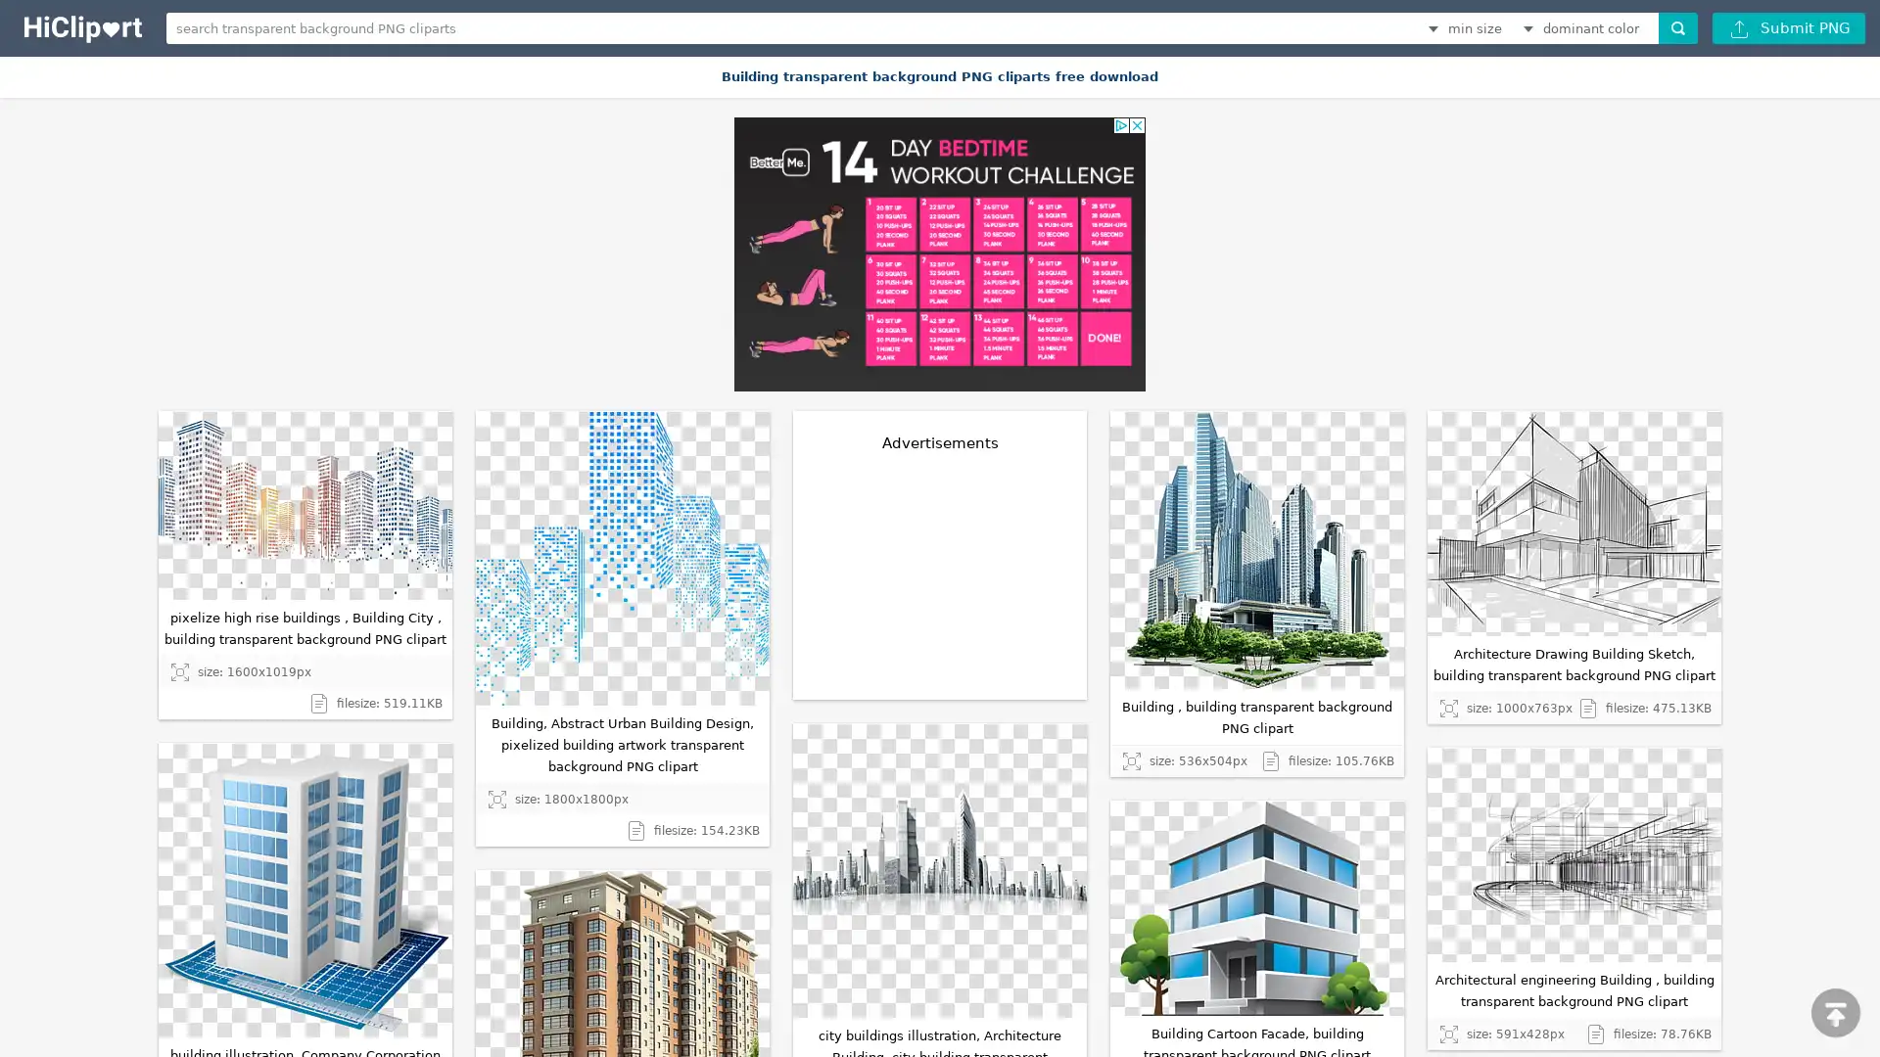 This screenshot has height=1057, width=1880. I want to click on scroll to top, so click(1835, 1012).